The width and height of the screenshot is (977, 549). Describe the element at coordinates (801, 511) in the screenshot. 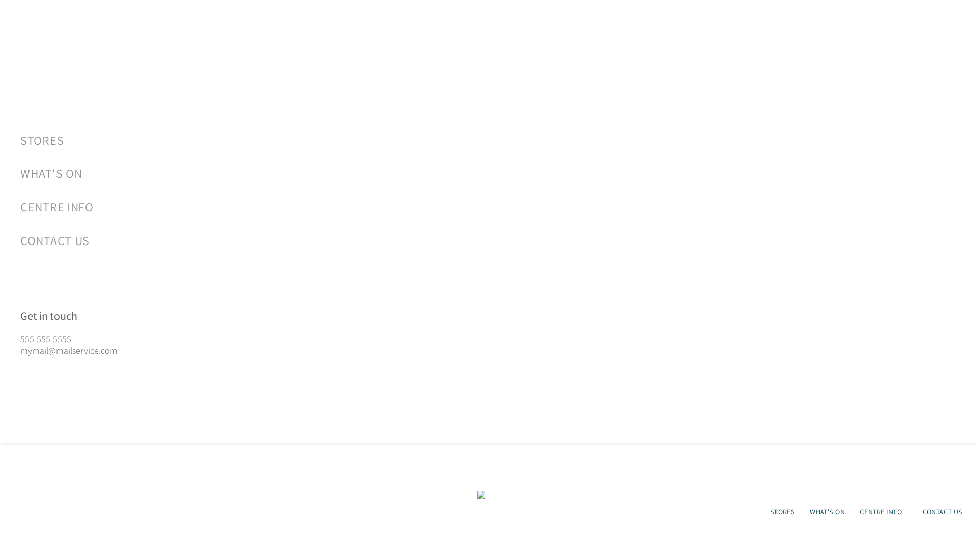

I see `'WHAT'S ON'` at that location.